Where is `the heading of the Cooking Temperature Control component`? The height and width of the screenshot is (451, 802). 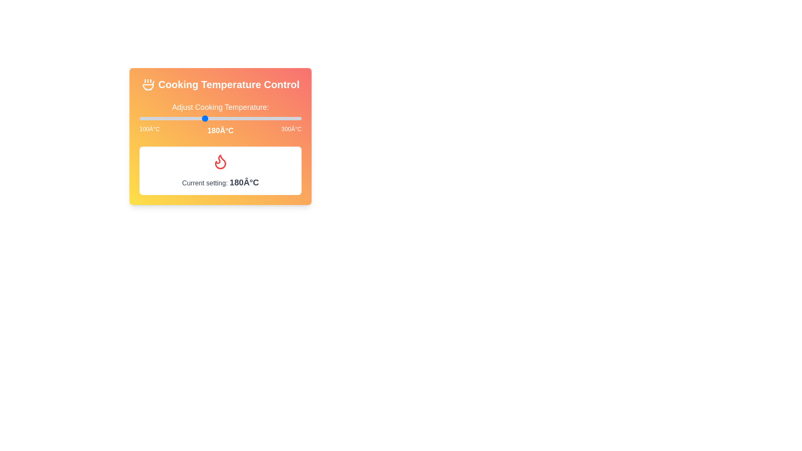 the heading of the Cooking Temperature Control component is located at coordinates (221, 85).